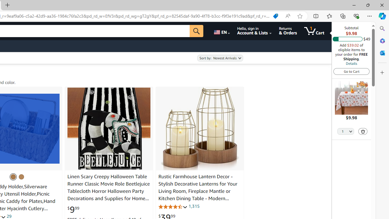  What do you see at coordinates (363, 131) in the screenshot?
I see `'Delete'` at bounding box center [363, 131].